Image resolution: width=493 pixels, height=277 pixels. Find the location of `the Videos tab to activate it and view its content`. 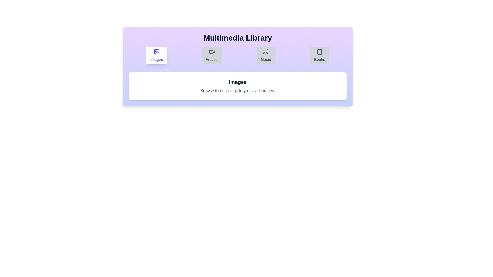

the Videos tab to activate it and view its content is located at coordinates (212, 55).